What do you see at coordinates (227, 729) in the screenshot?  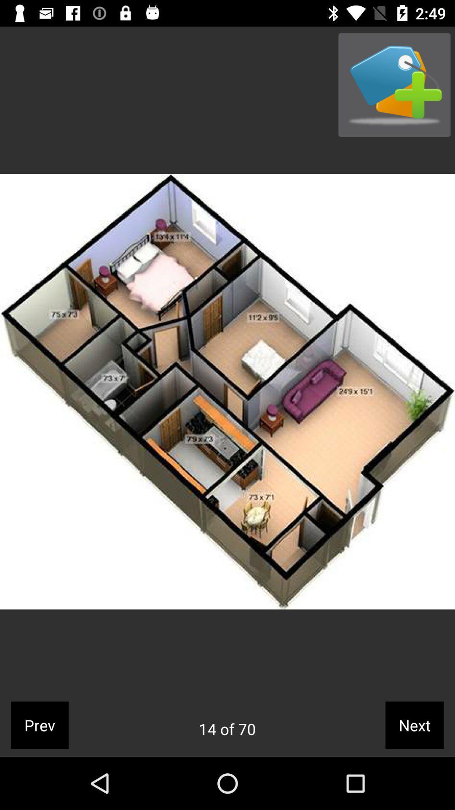 I see `the icon to the left of the next icon` at bounding box center [227, 729].